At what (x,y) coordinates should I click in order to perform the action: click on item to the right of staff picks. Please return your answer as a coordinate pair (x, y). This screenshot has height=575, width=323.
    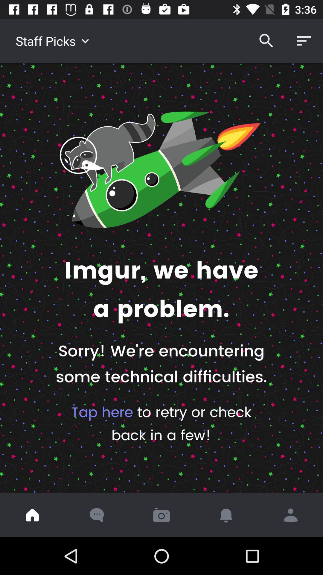
    Looking at the image, I should click on (266, 40).